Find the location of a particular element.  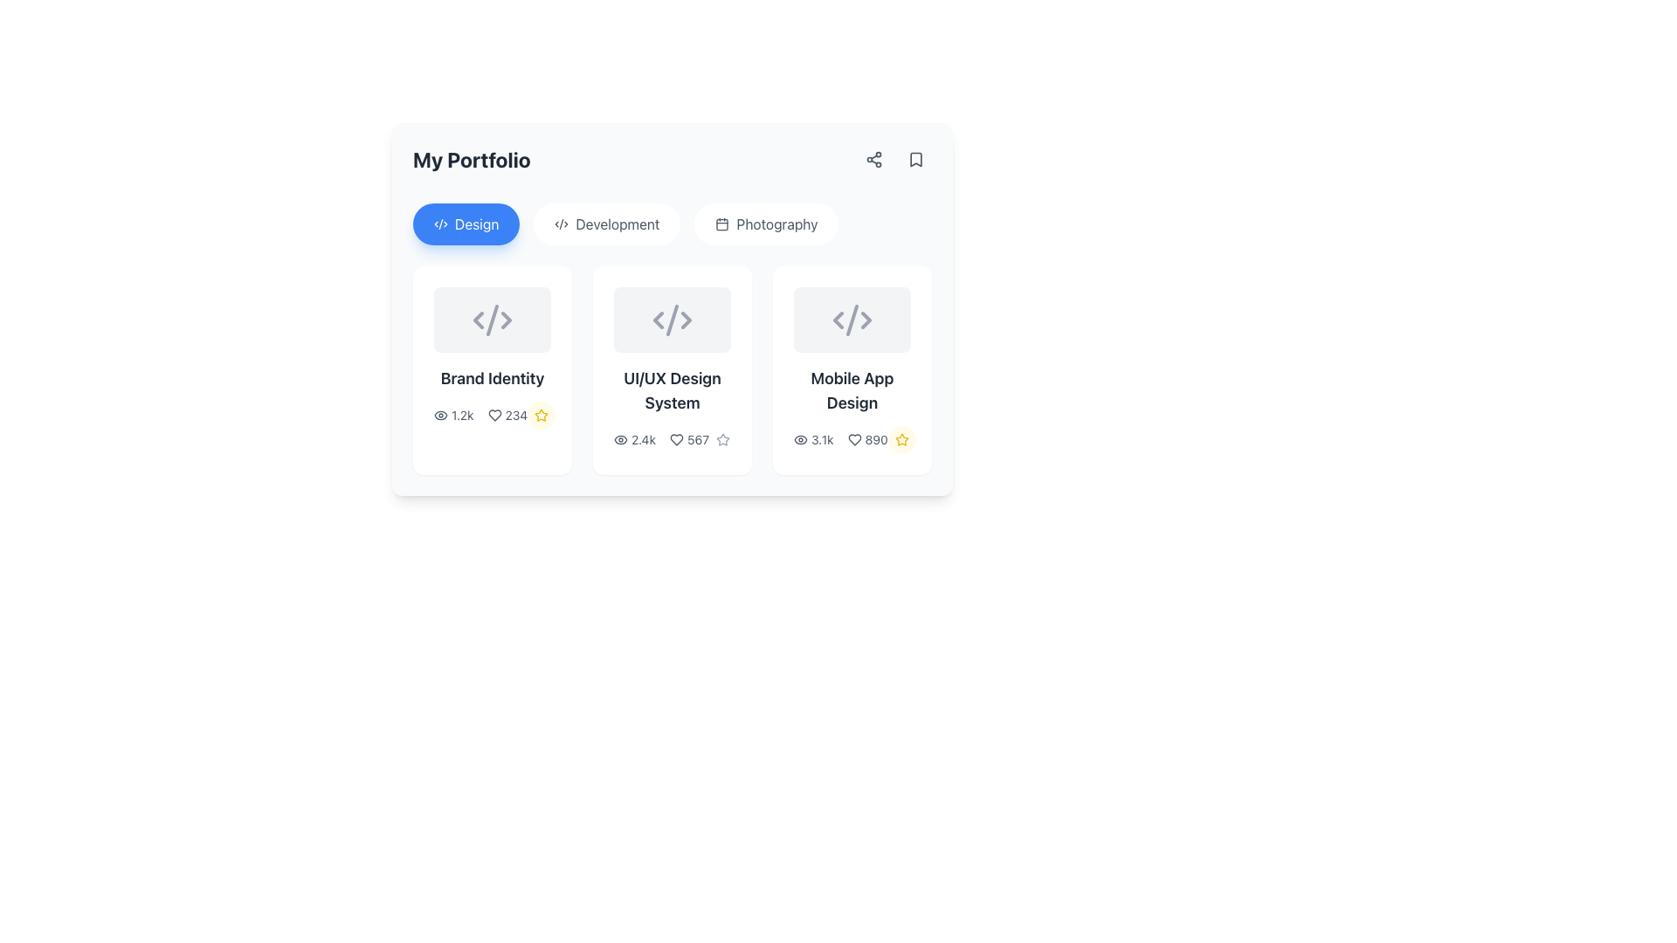

the calendar icon within the 'Photography' button is located at coordinates (722, 224).